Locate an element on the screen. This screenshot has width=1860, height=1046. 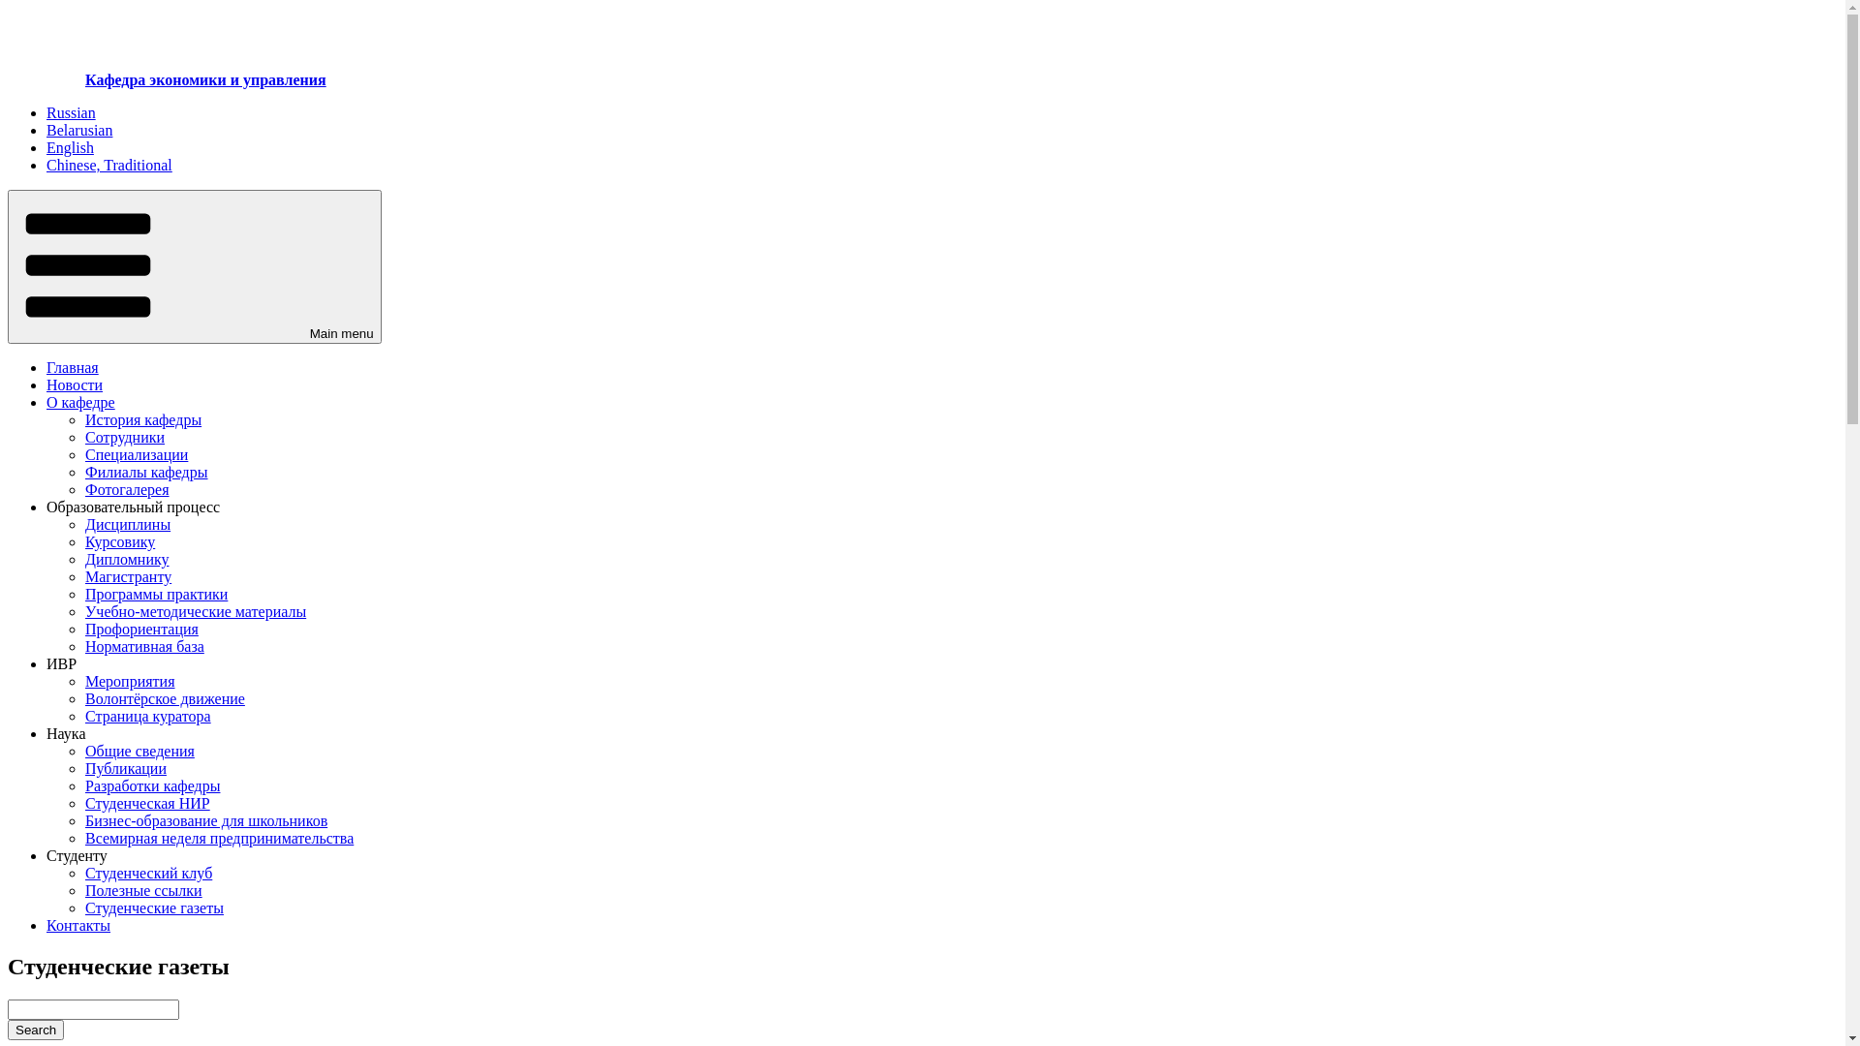
'English' is located at coordinates (70, 146).